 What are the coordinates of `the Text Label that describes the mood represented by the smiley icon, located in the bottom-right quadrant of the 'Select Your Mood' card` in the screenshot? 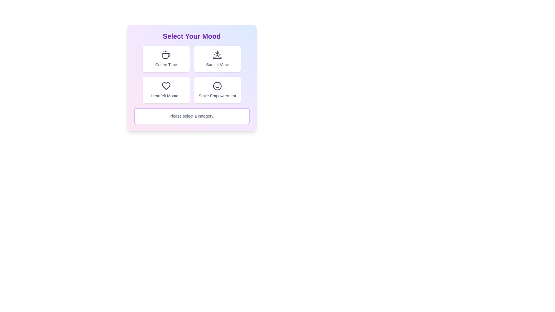 It's located at (217, 95).